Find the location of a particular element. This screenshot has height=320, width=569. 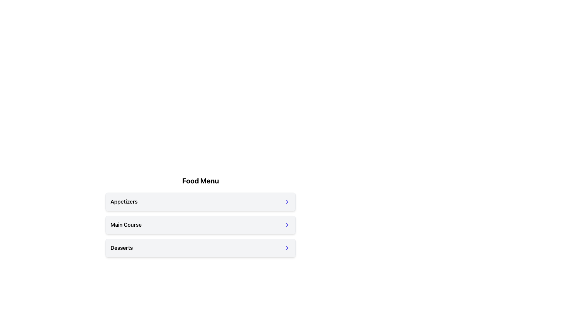

the small triangular indigo arrow icon located on the right side of the 'Main Course' menu item in the 'Food Menu' list is located at coordinates (287, 225).